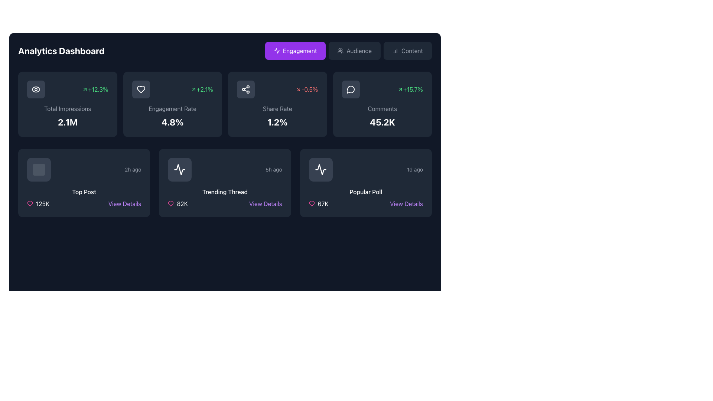 The image size is (713, 401). I want to click on the navigation label positioned as the second item from the right in the header, between 'Engagement' and 'Content', so click(359, 50).